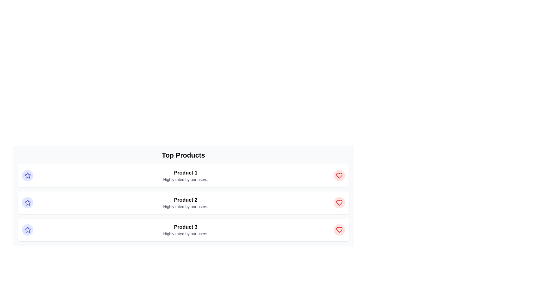 The height and width of the screenshot is (305, 542). I want to click on the button located, so click(339, 230).